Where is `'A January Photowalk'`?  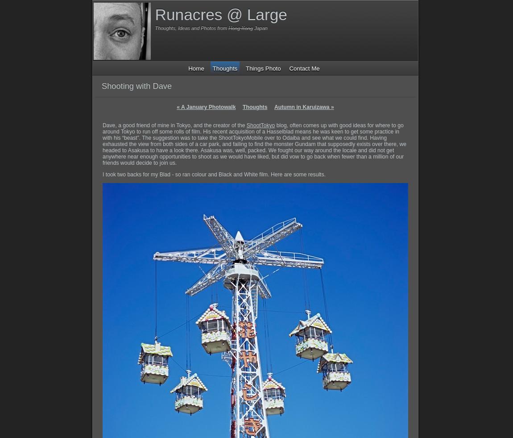
'A January Photowalk' is located at coordinates (207, 106).